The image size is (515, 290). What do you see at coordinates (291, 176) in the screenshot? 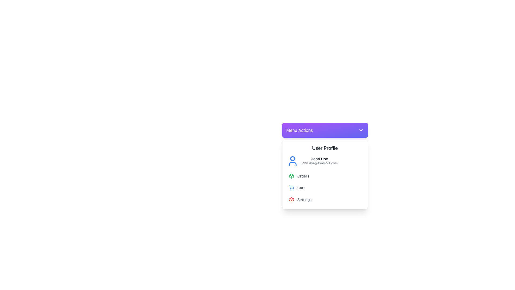
I see `the 'Orders' icon, which visually represents the 'Orders' menu item and is positioned to the left of the text label 'Orders'` at bounding box center [291, 176].